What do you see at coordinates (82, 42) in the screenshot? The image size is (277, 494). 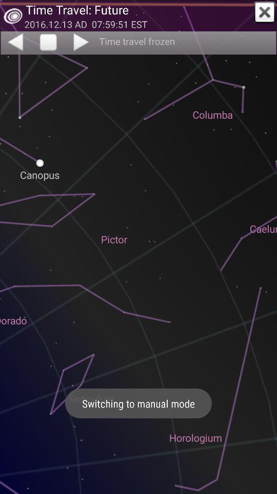 I see `the play icon` at bounding box center [82, 42].